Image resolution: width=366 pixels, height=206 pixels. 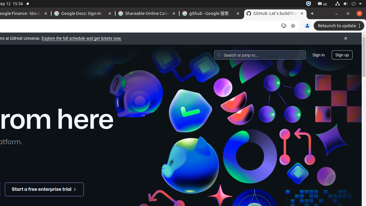 I want to click on 'Bookmark this tab', so click(x=293, y=26).